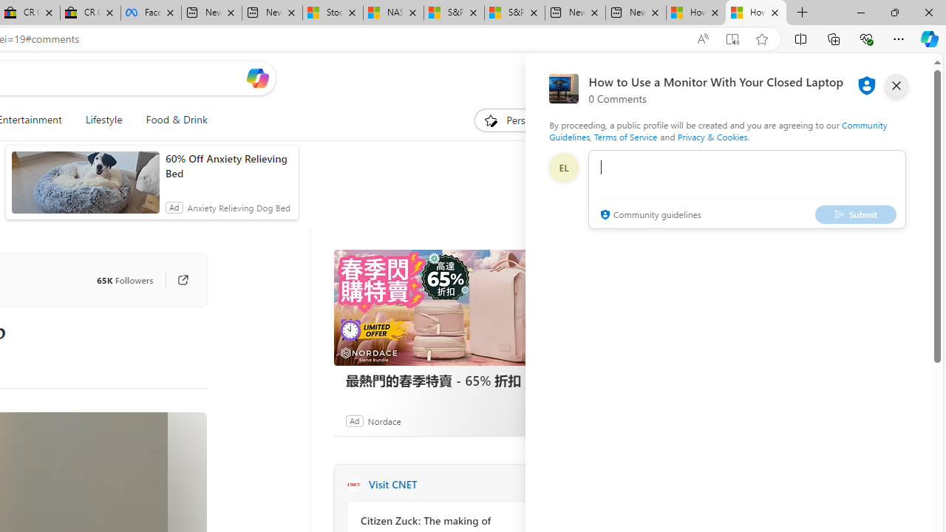  I want to click on 'Community guidelines', so click(649, 215).